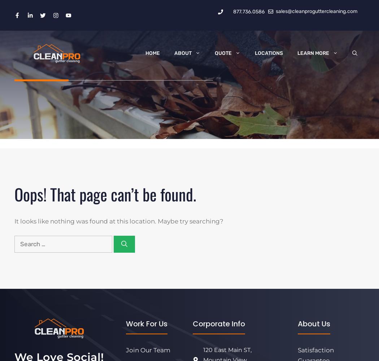  Describe the element at coordinates (249, 12) in the screenshot. I see `'877.736.0586'` at that location.